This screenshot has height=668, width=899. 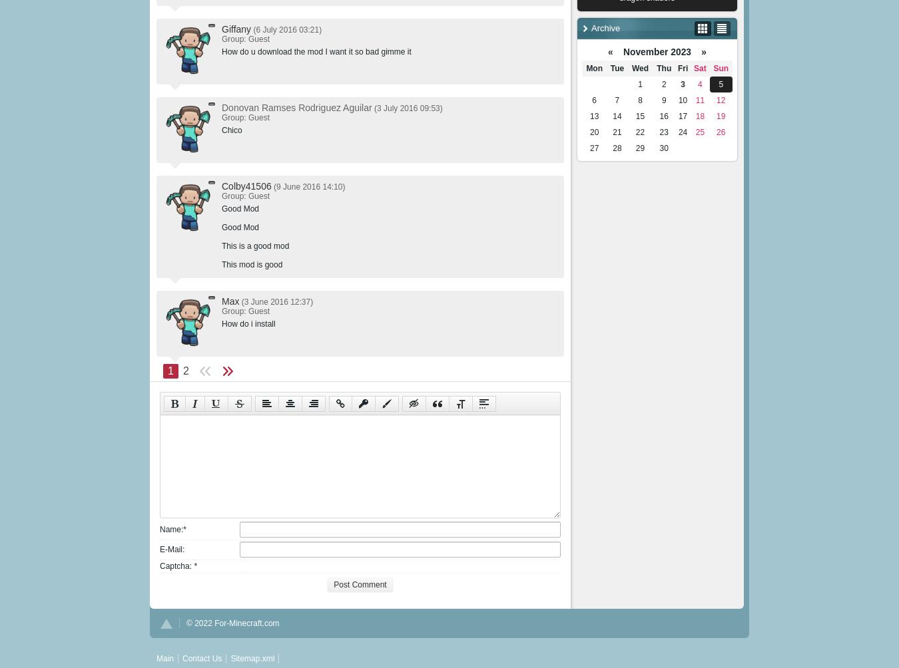 What do you see at coordinates (695, 100) in the screenshot?
I see `'11'` at bounding box center [695, 100].